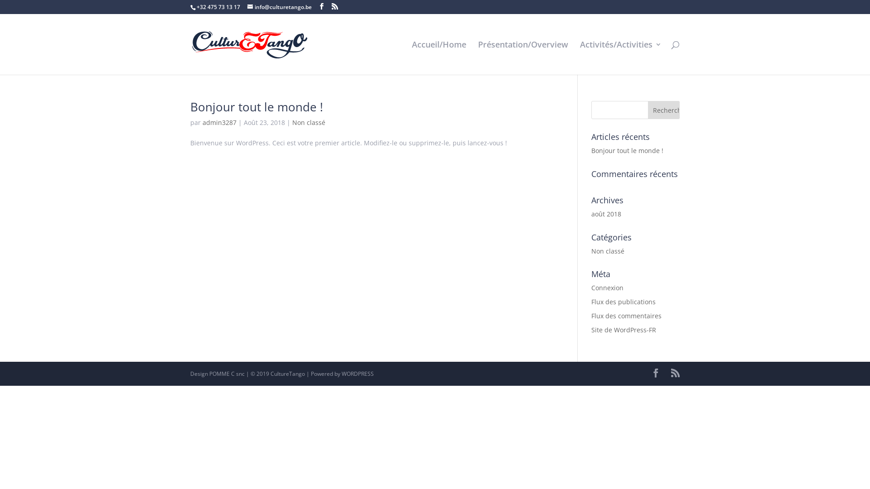 The image size is (870, 489). Describe the element at coordinates (591, 302) in the screenshot. I see `'Flux des publications'` at that location.